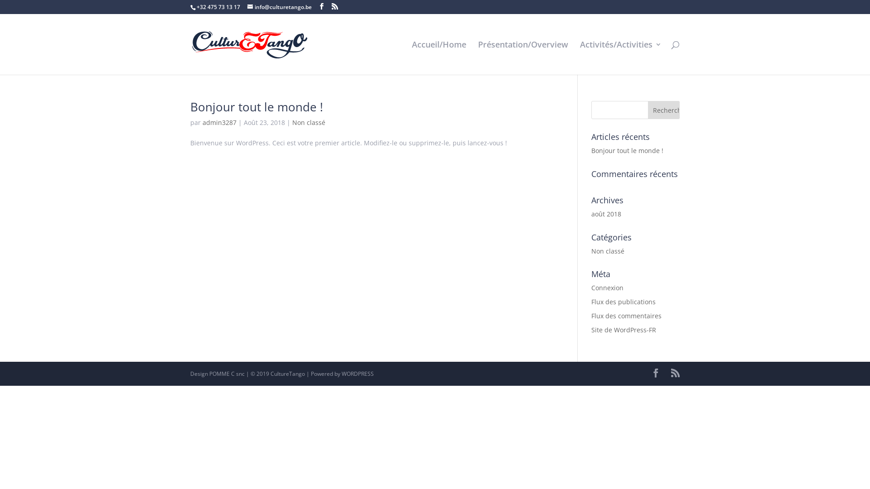 The image size is (870, 489). Describe the element at coordinates (591, 302) in the screenshot. I see `'Flux des publications'` at that location.